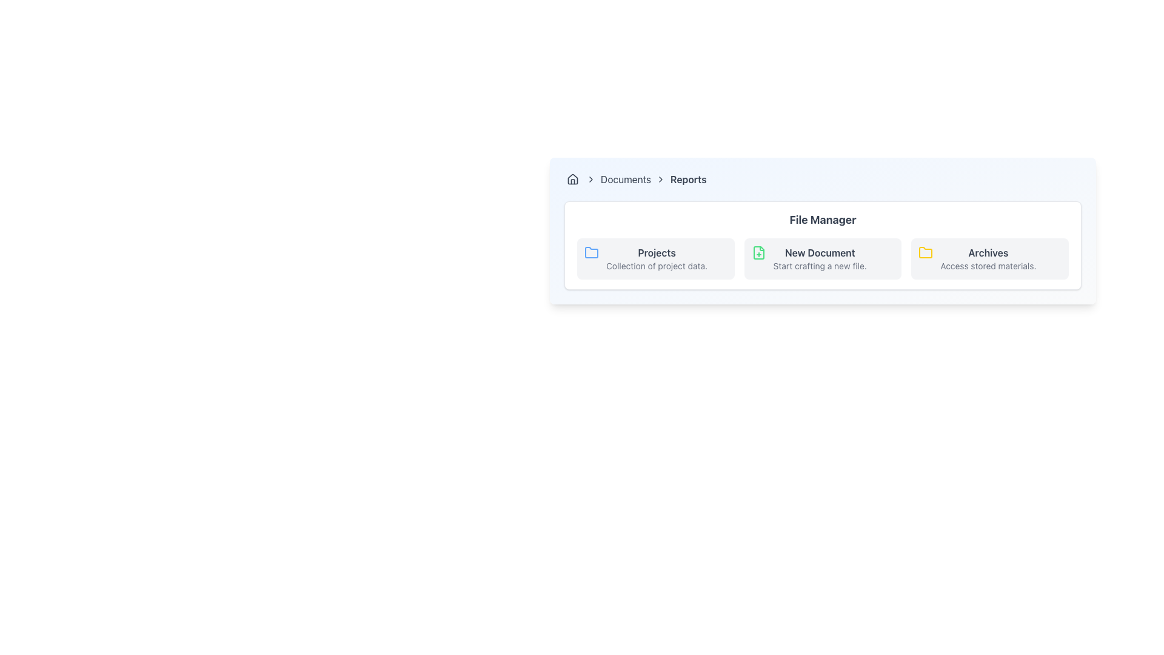  I want to click on the static text element that reads 'Collection of project data.' located below the 'Projects' title in the leftmost card of the 'File Manager' interface, so click(656, 266).